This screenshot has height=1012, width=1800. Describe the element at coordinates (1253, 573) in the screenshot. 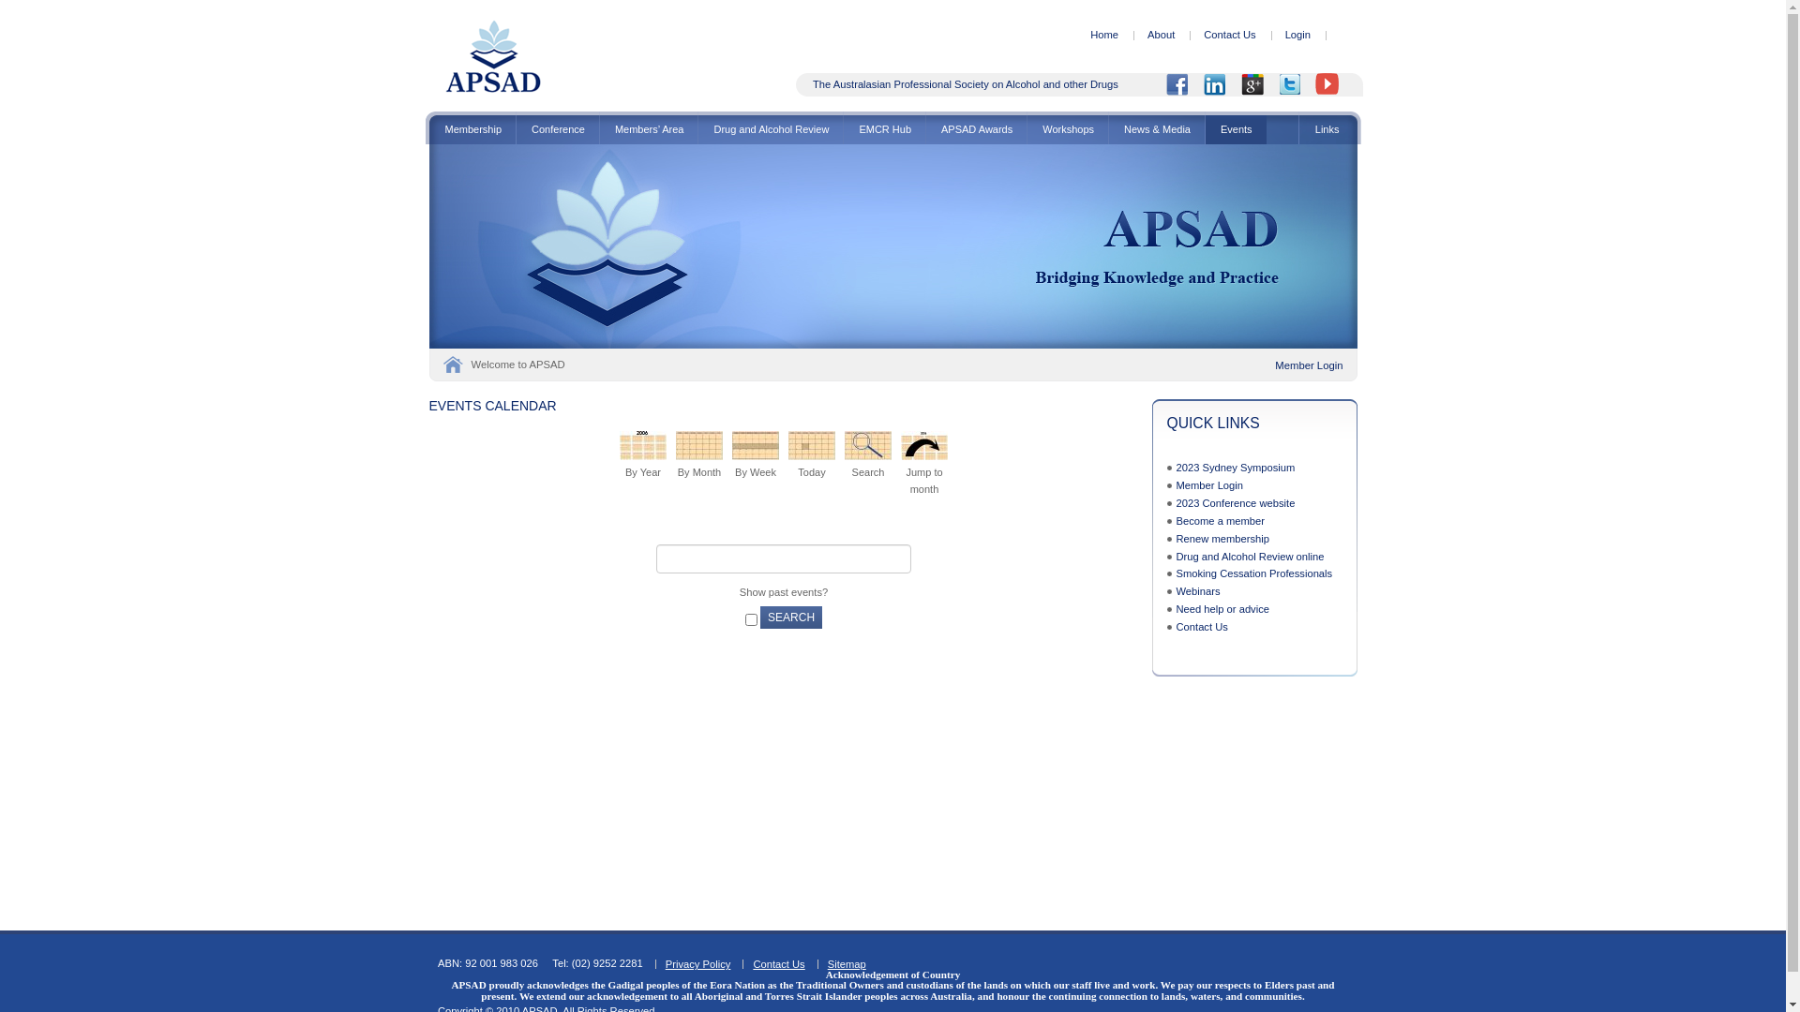

I see `'Smoking Cessation Professionals'` at that location.